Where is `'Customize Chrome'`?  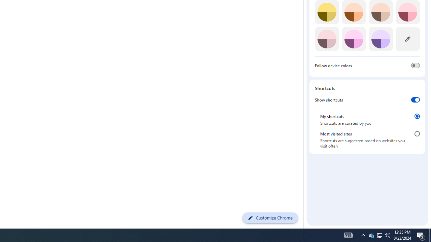 'Customize Chrome' is located at coordinates (270, 218).